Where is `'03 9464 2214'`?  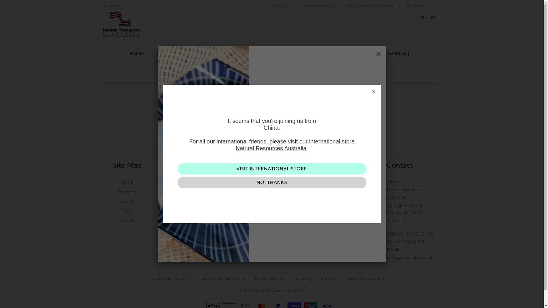 '03 9464 2214' is located at coordinates (412, 242).